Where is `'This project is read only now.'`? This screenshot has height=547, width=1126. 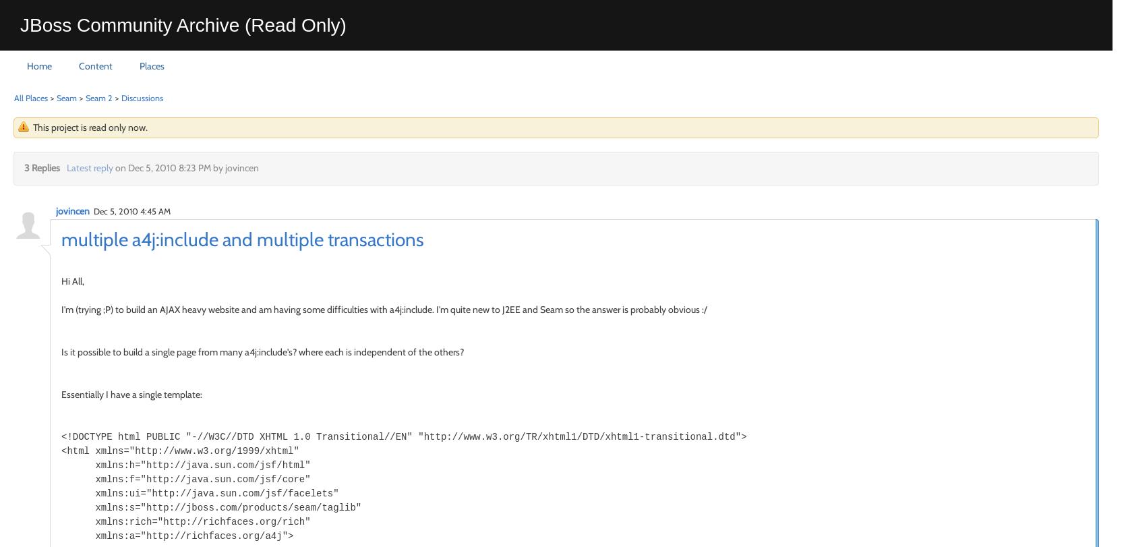 'This project is read only now.' is located at coordinates (89, 126).